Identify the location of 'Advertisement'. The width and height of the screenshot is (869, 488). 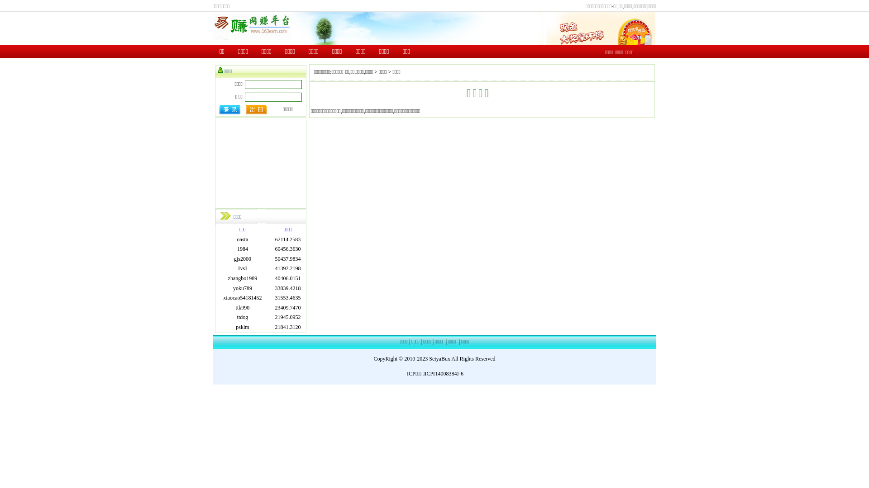
(215, 163).